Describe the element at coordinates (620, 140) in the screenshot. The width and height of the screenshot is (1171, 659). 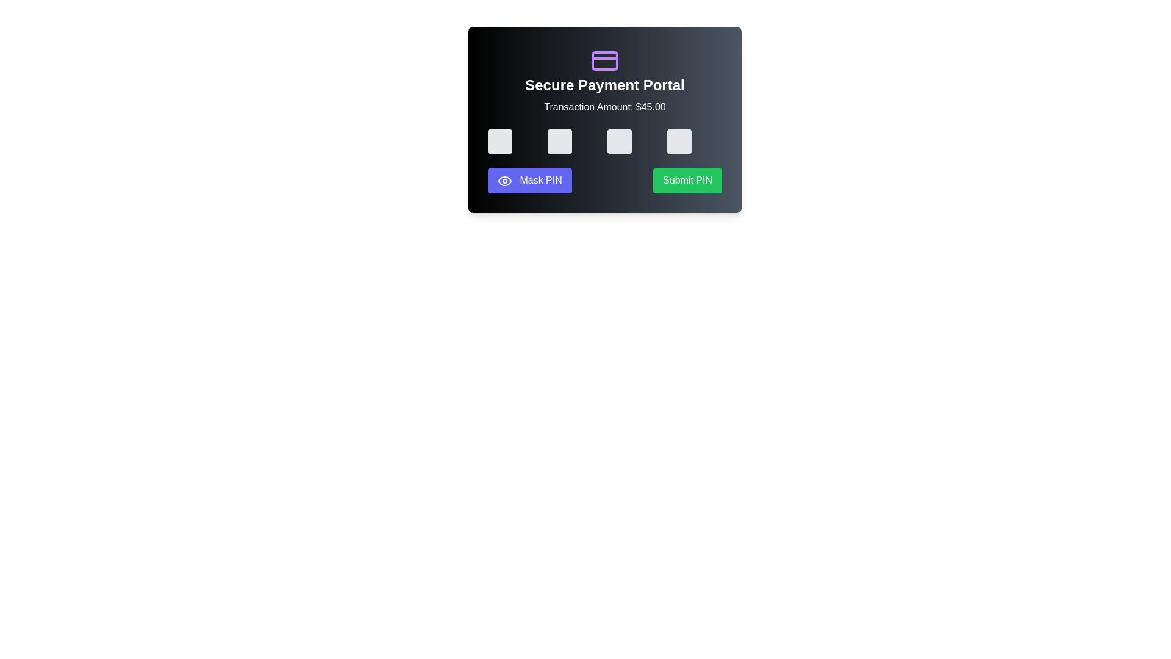
I see `the third PIN entry field in the Secure Payment Portal` at that location.